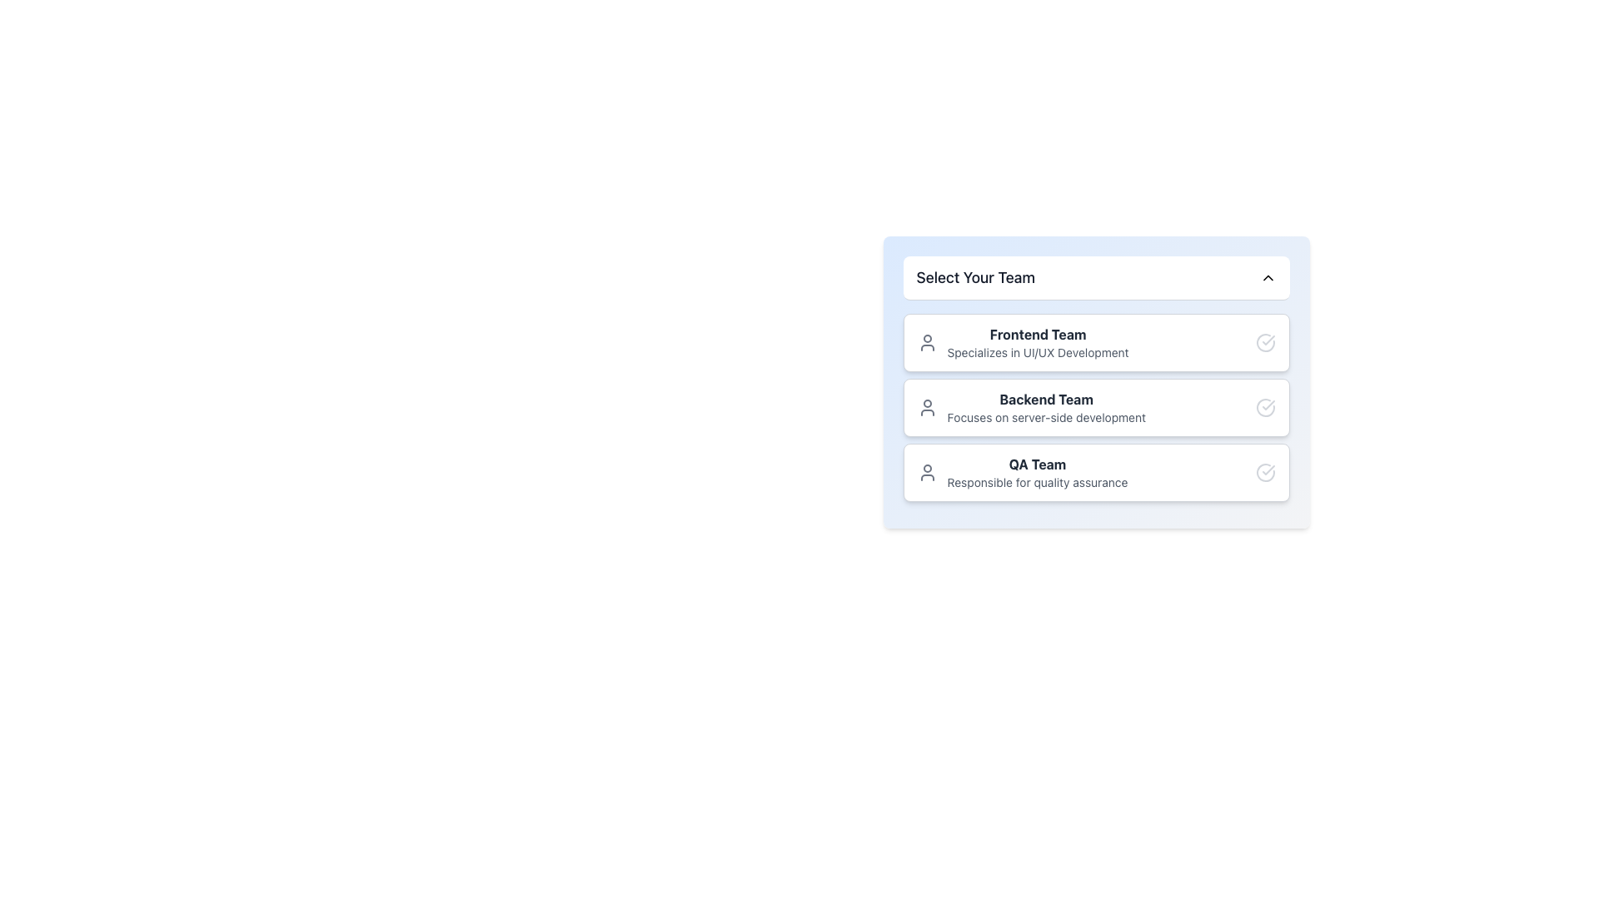 This screenshot has height=899, width=1599. Describe the element at coordinates (1030, 407) in the screenshot. I see `the clickable item for 'Backend Team' which contains the text and user icon` at that location.